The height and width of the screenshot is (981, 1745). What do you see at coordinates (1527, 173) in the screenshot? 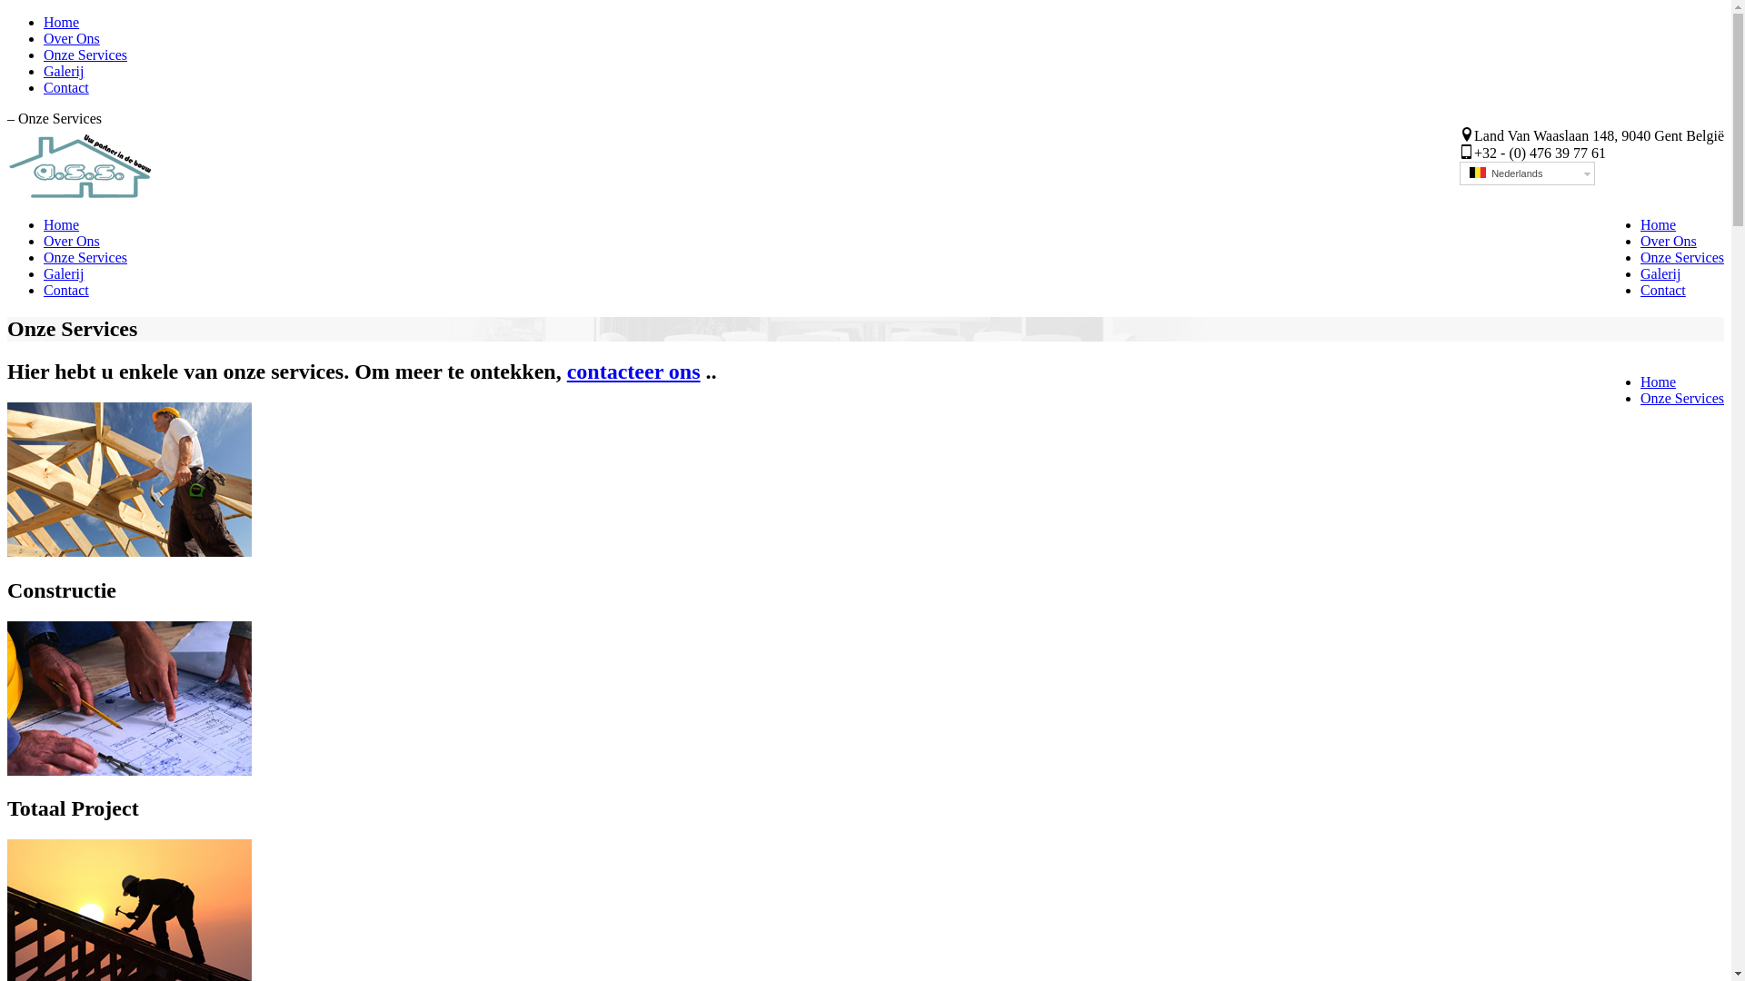
I see `'  Nederlands'` at bounding box center [1527, 173].